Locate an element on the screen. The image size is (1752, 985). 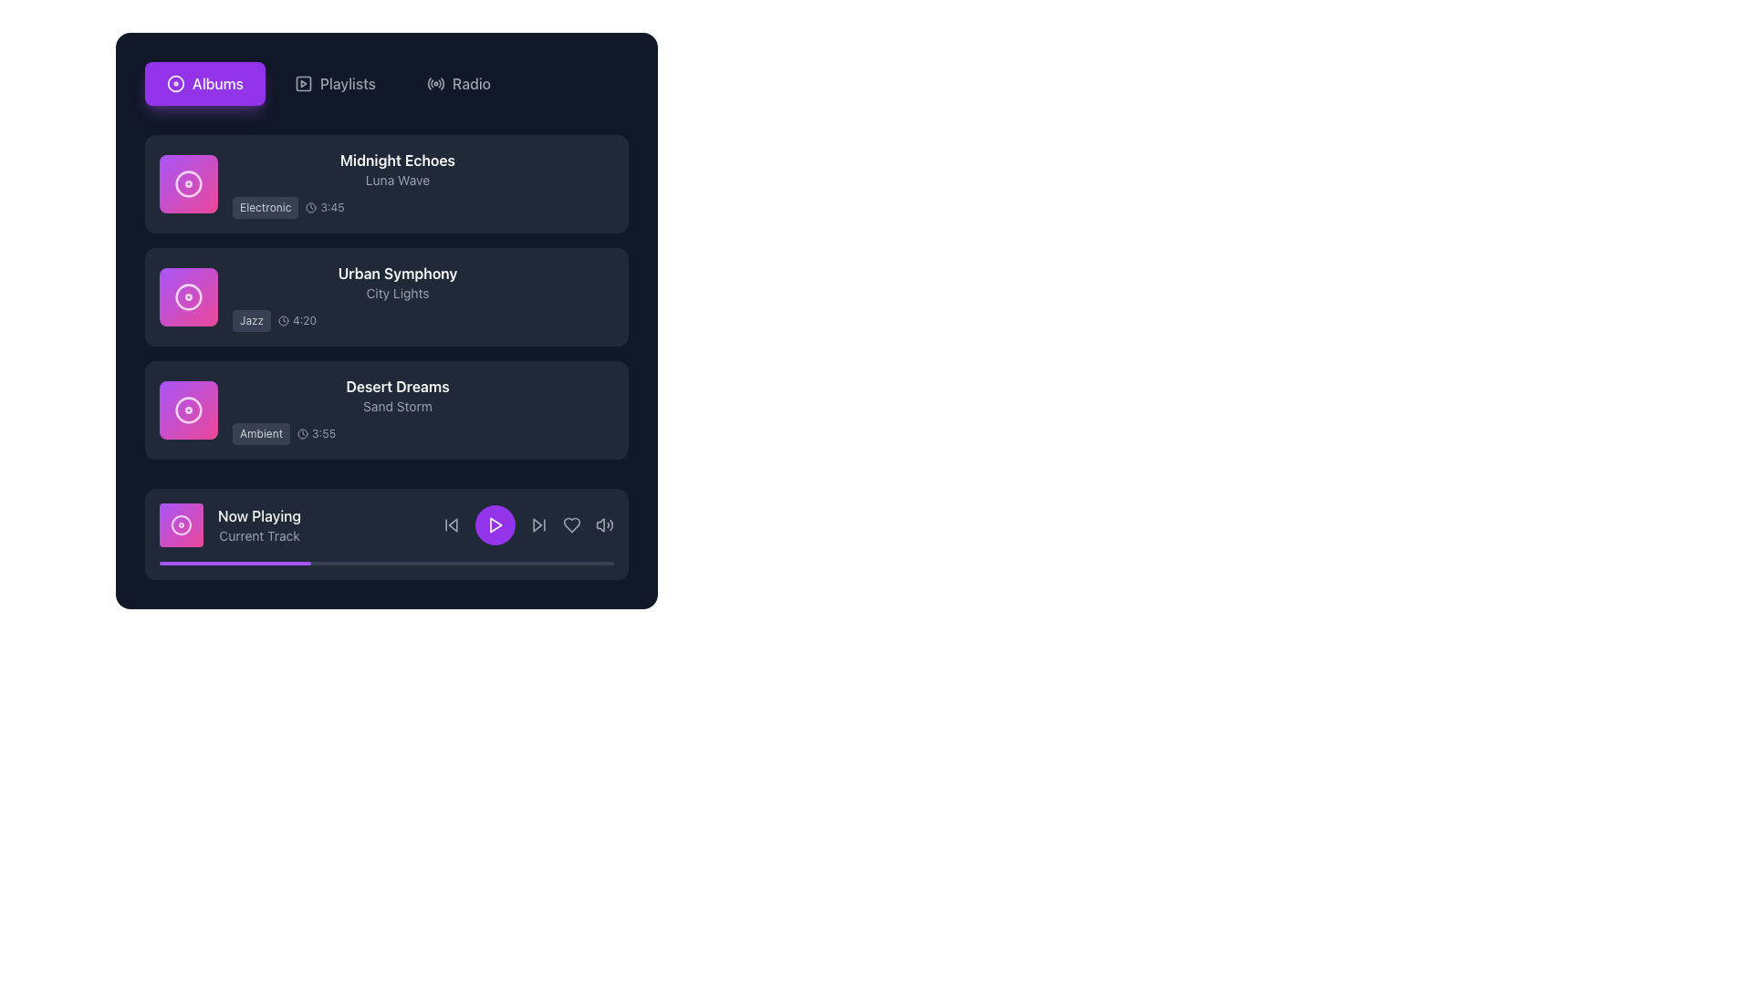
the 'previous' button represented as an SVG arrow located in the control bar at the bottom of the media playback interface to skip to the previous track is located at coordinates (453, 524).